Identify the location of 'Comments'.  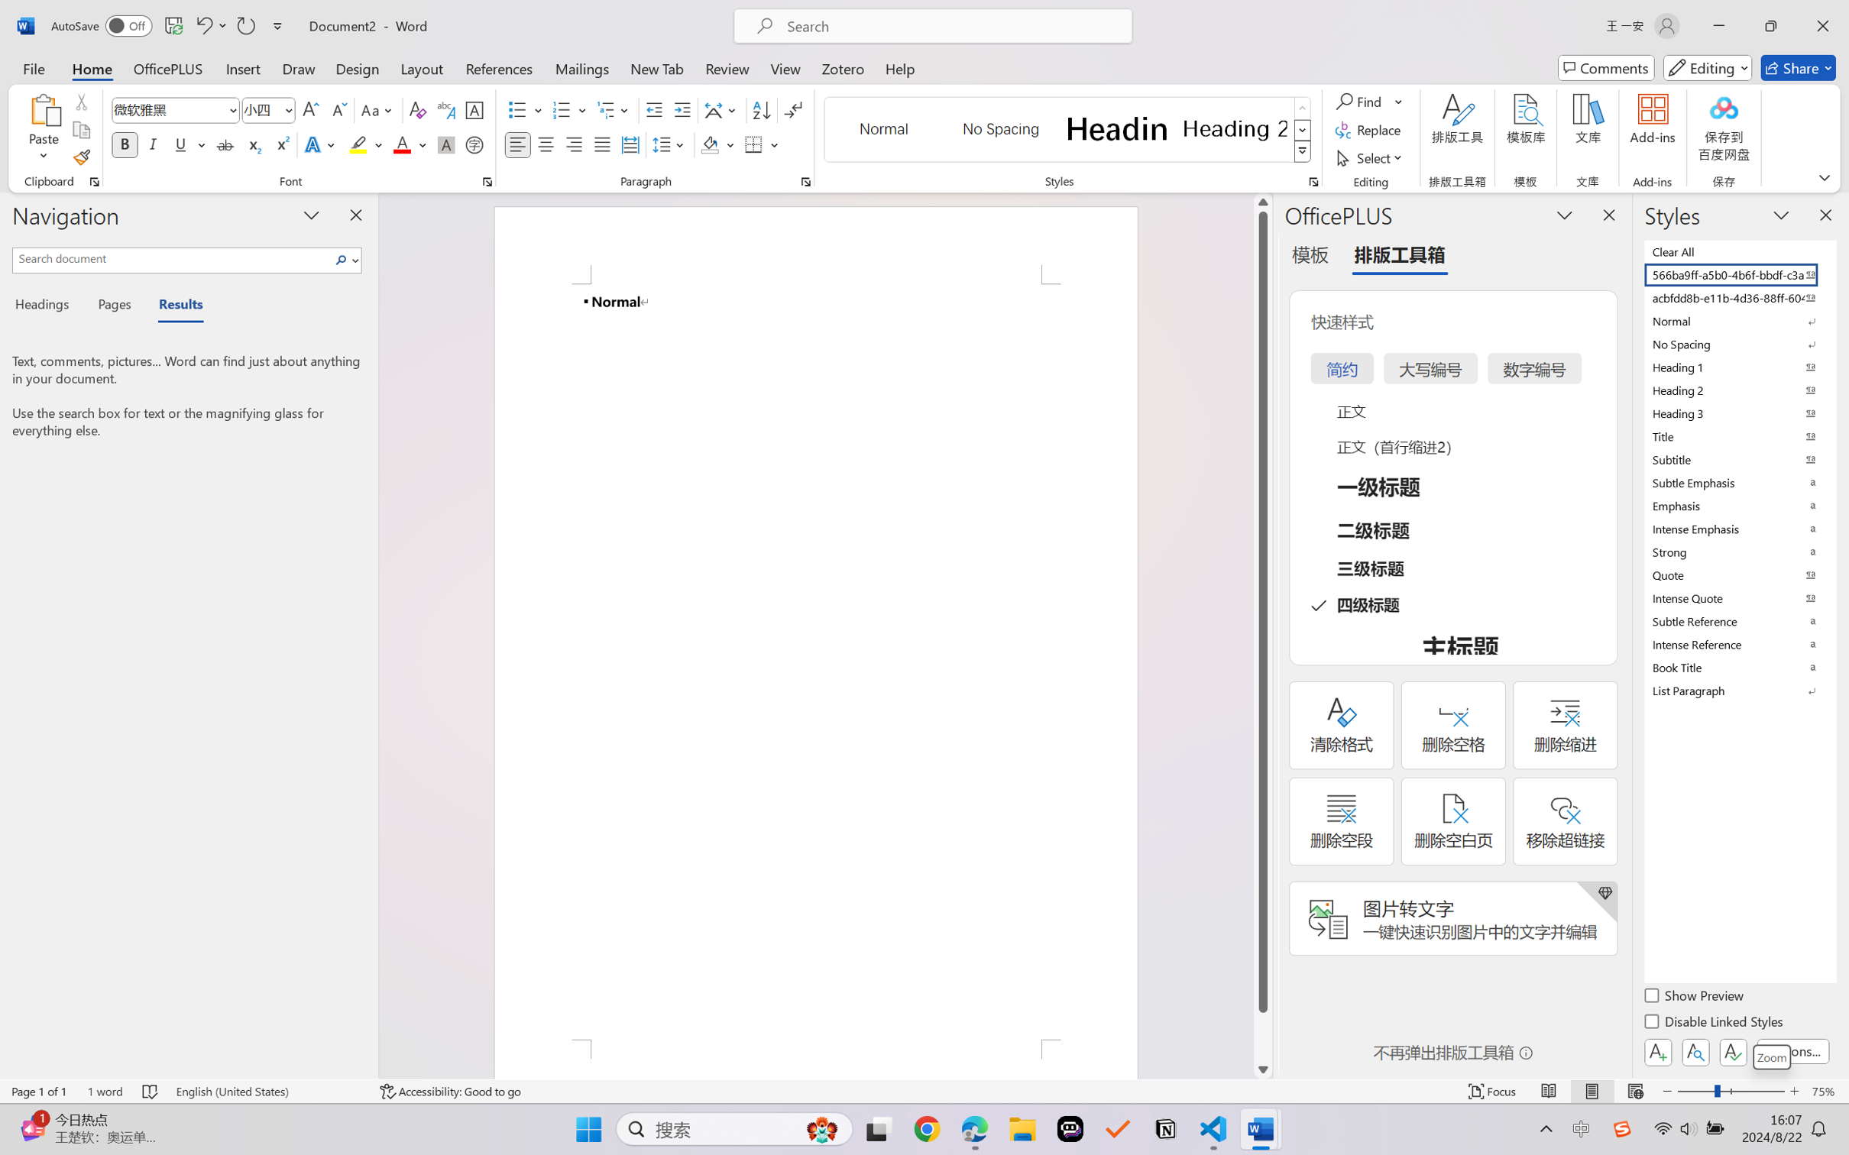
(1606, 67).